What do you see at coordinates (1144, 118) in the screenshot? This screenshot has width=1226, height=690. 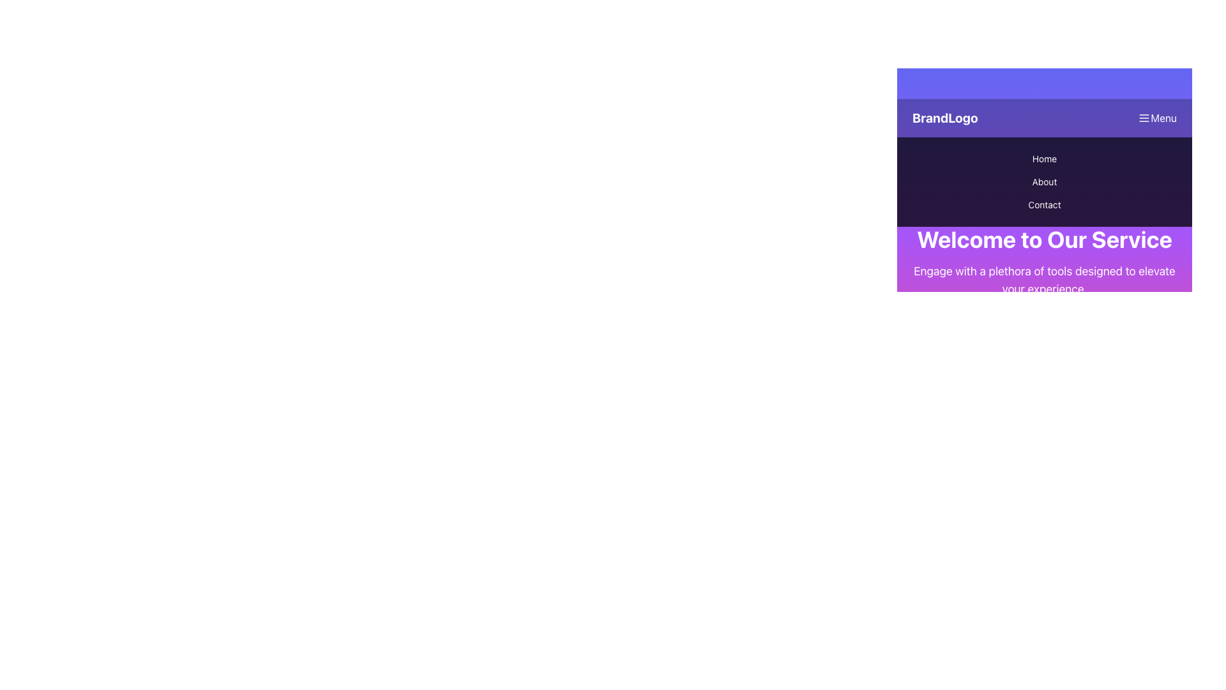 I see `the Hamburger Menu Icon, which is a small square icon with three horizontal lines located in the top-right corner of the interface, adjacent to the 'BrandLogo' text` at bounding box center [1144, 118].